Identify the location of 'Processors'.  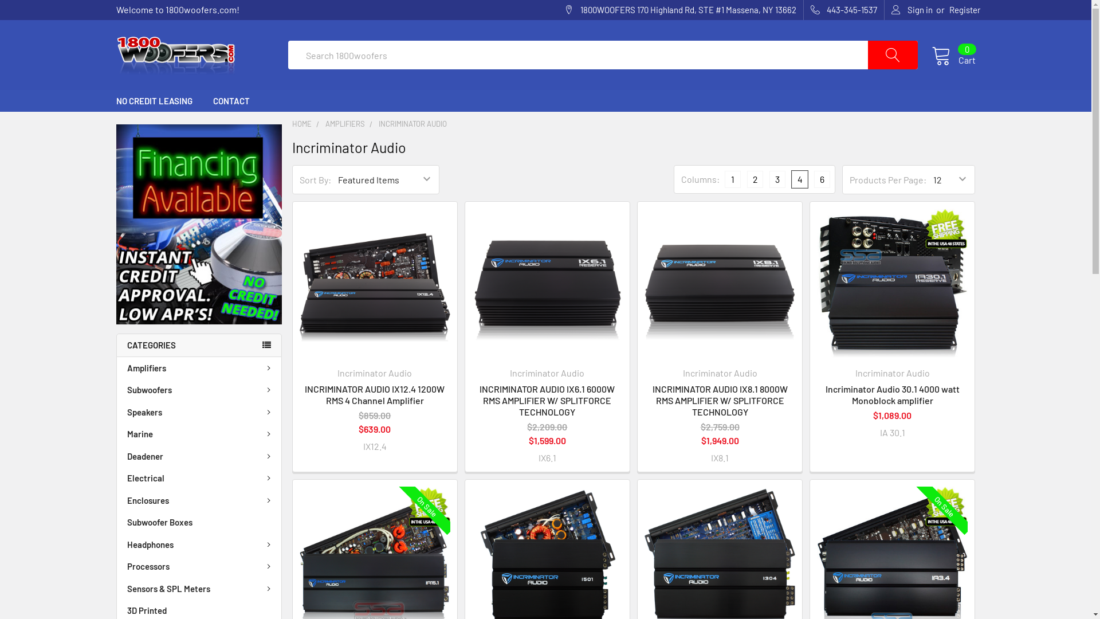
(199, 566).